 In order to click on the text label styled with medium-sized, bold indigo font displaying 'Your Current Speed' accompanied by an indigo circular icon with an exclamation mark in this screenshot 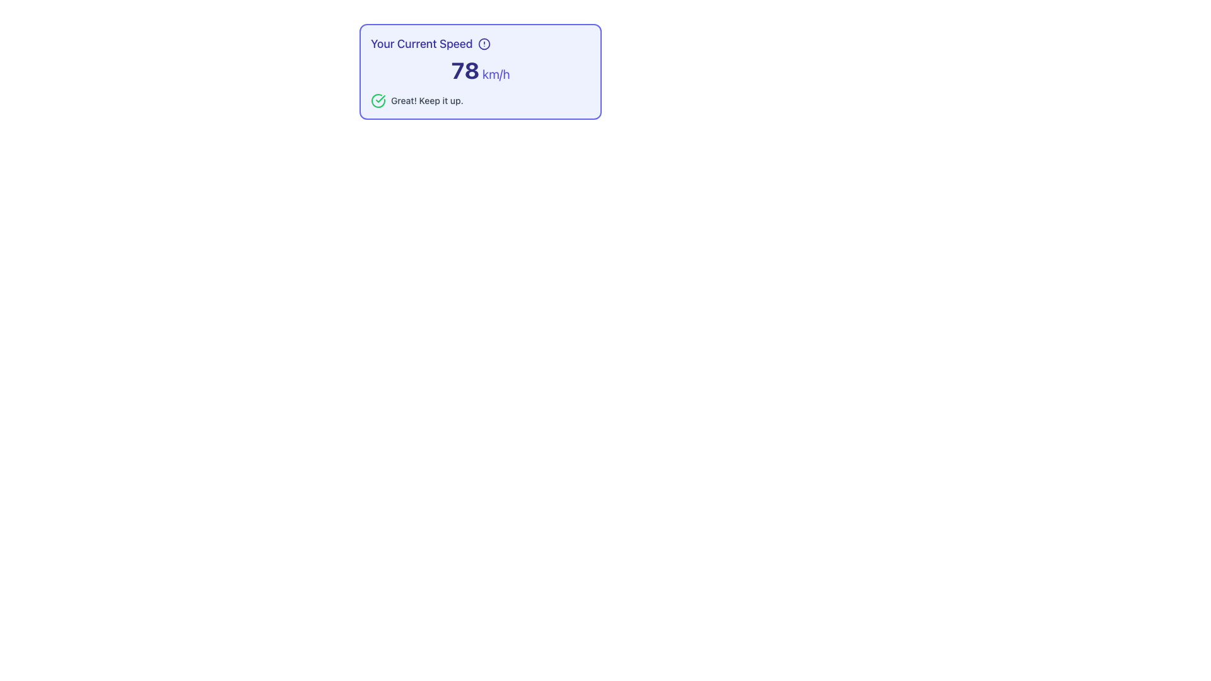, I will do `click(480, 43)`.